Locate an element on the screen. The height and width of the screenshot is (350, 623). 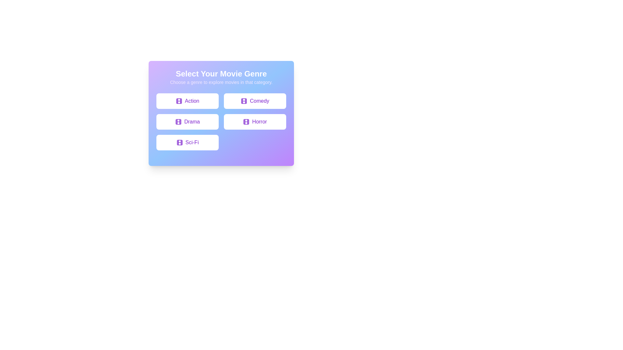
the button labeled Action is located at coordinates (187, 101).